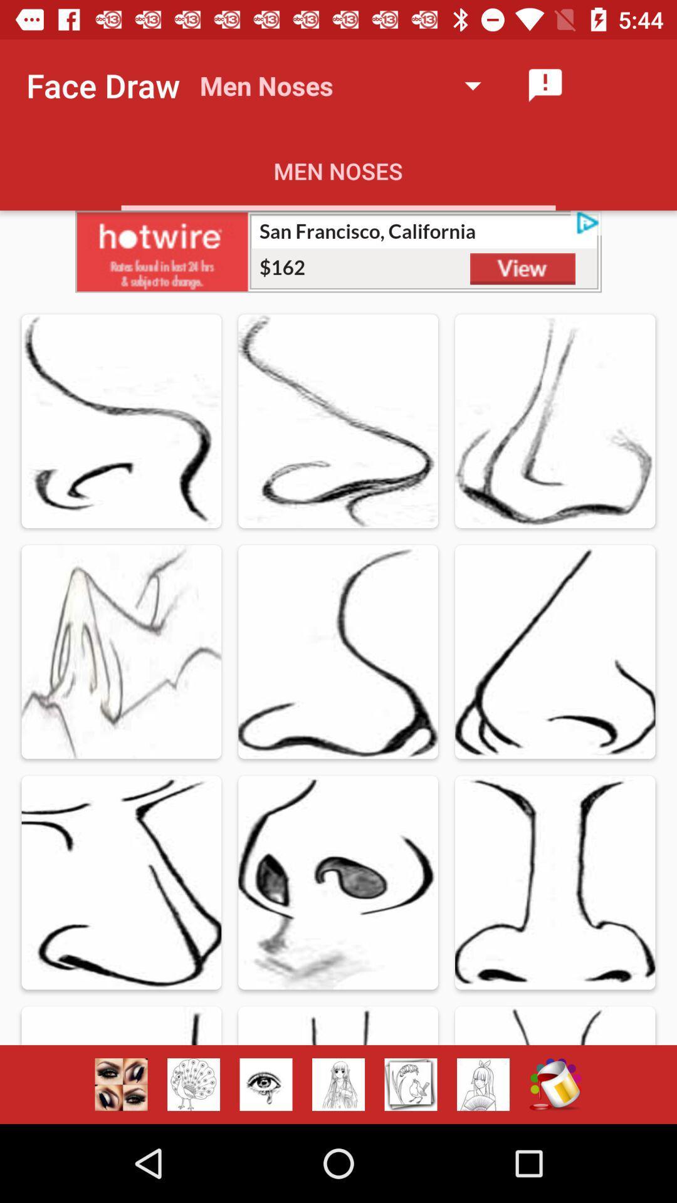  What do you see at coordinates (265, 1084) in the screenshot?
I see `ice button` at bounding box center [265, 1084].